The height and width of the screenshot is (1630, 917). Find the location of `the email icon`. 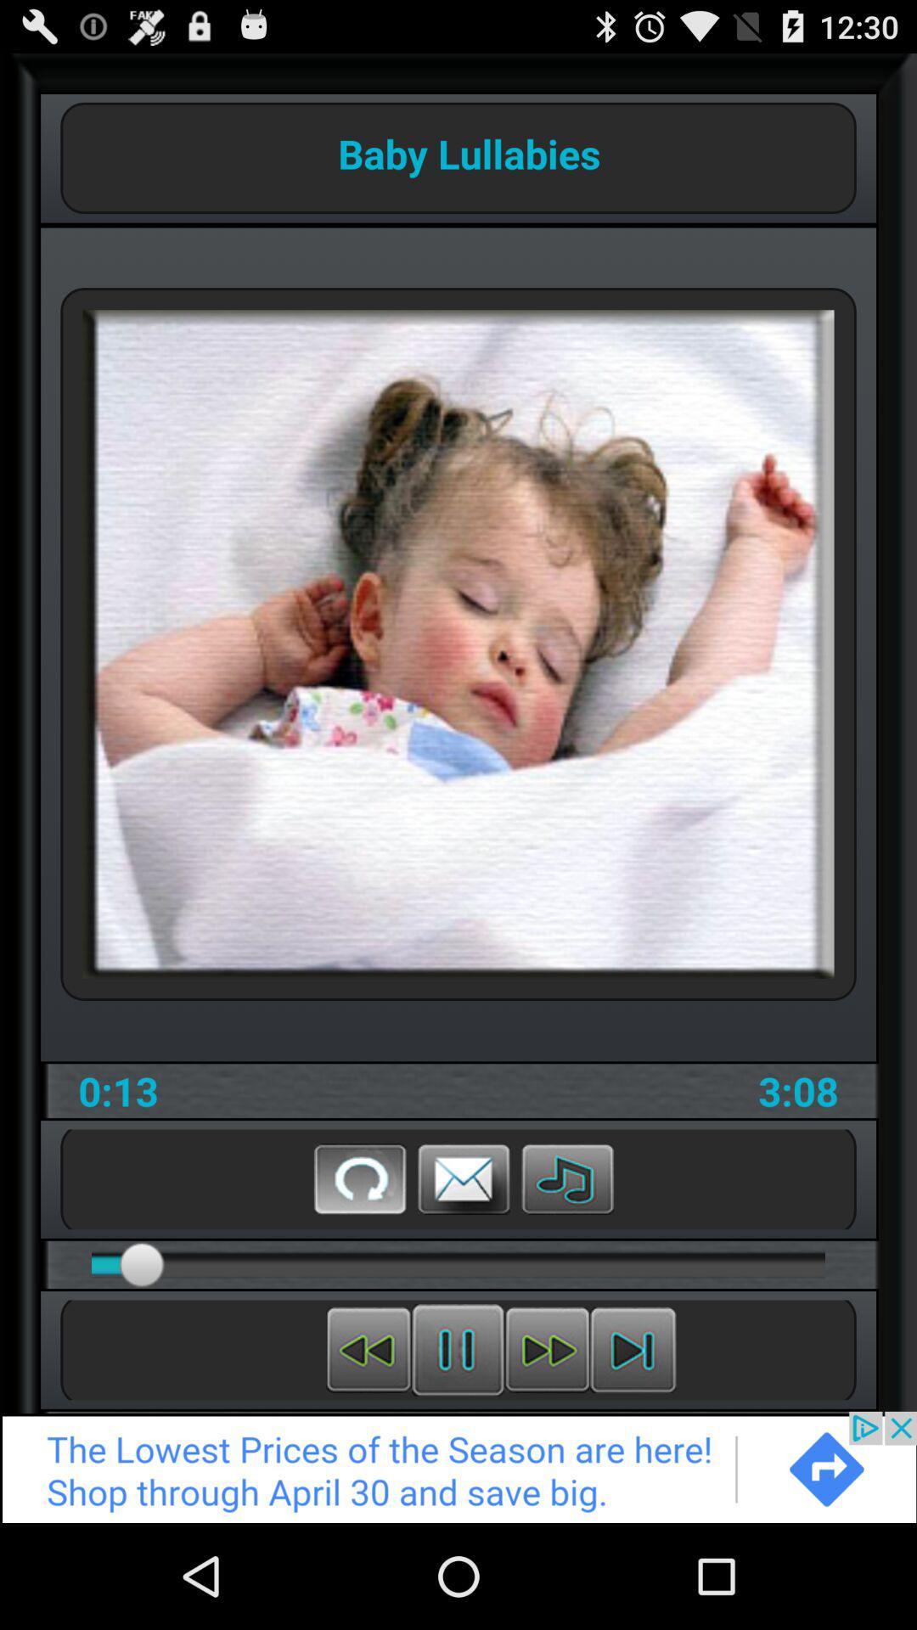

the email icon is located at coordinates (464, 1262).